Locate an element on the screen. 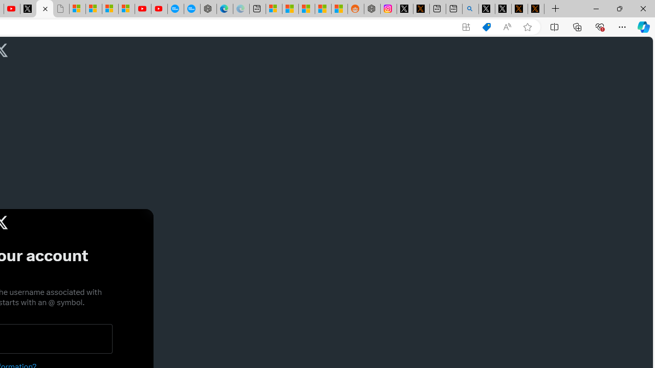 The width and height of the screenshot is (655, 368). 'Log in to X / X' is located at coordinates (404, 9).